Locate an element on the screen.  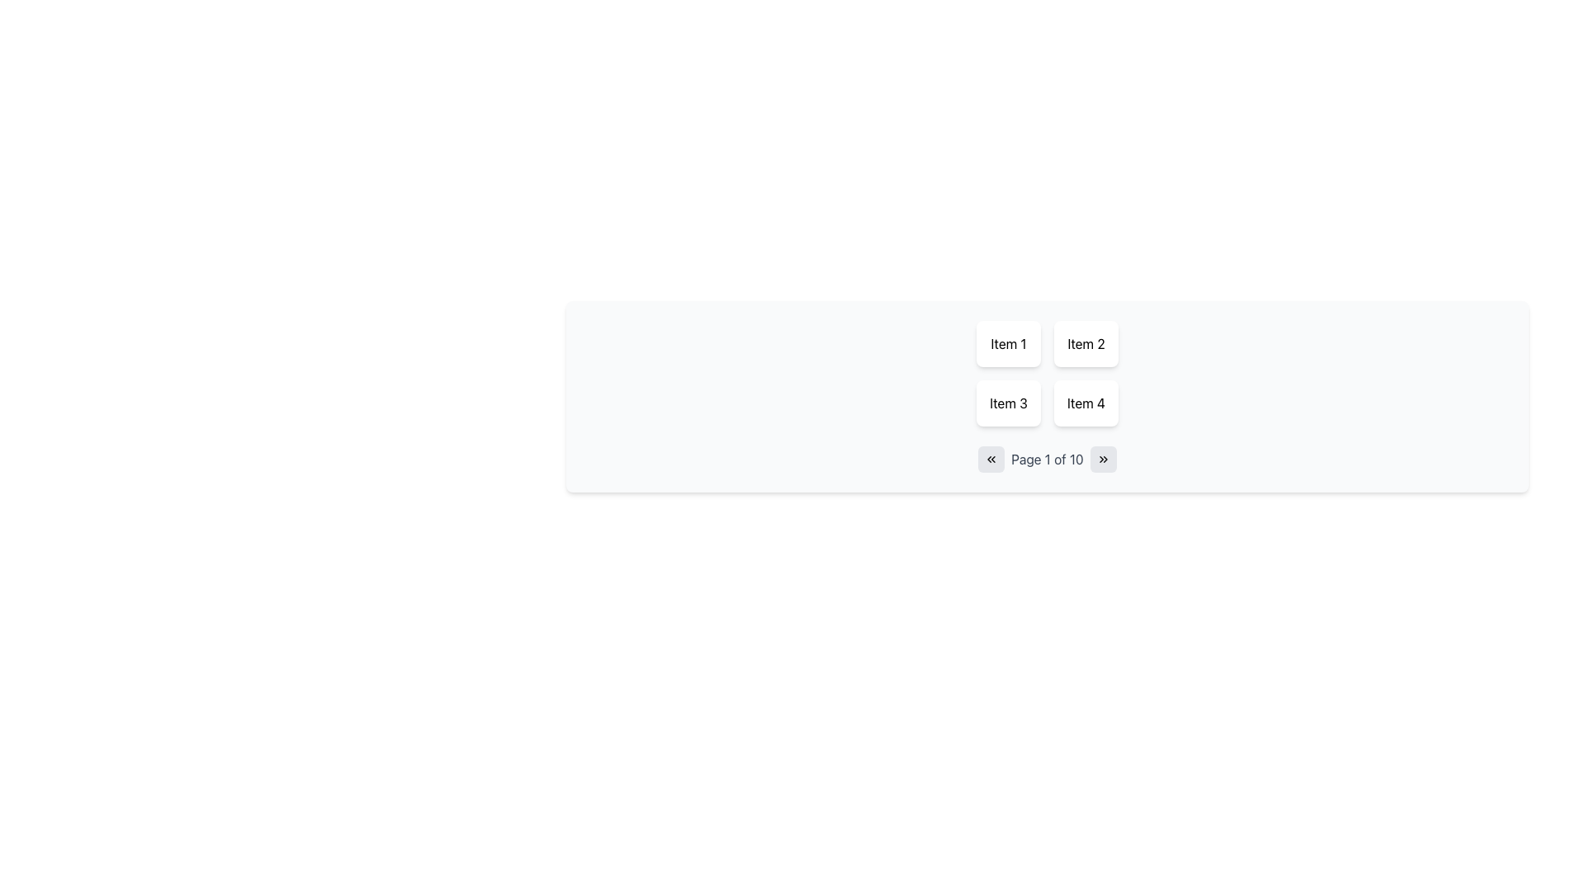
the leftmost button in the pagination control bar is located at coordinates (991, 459).